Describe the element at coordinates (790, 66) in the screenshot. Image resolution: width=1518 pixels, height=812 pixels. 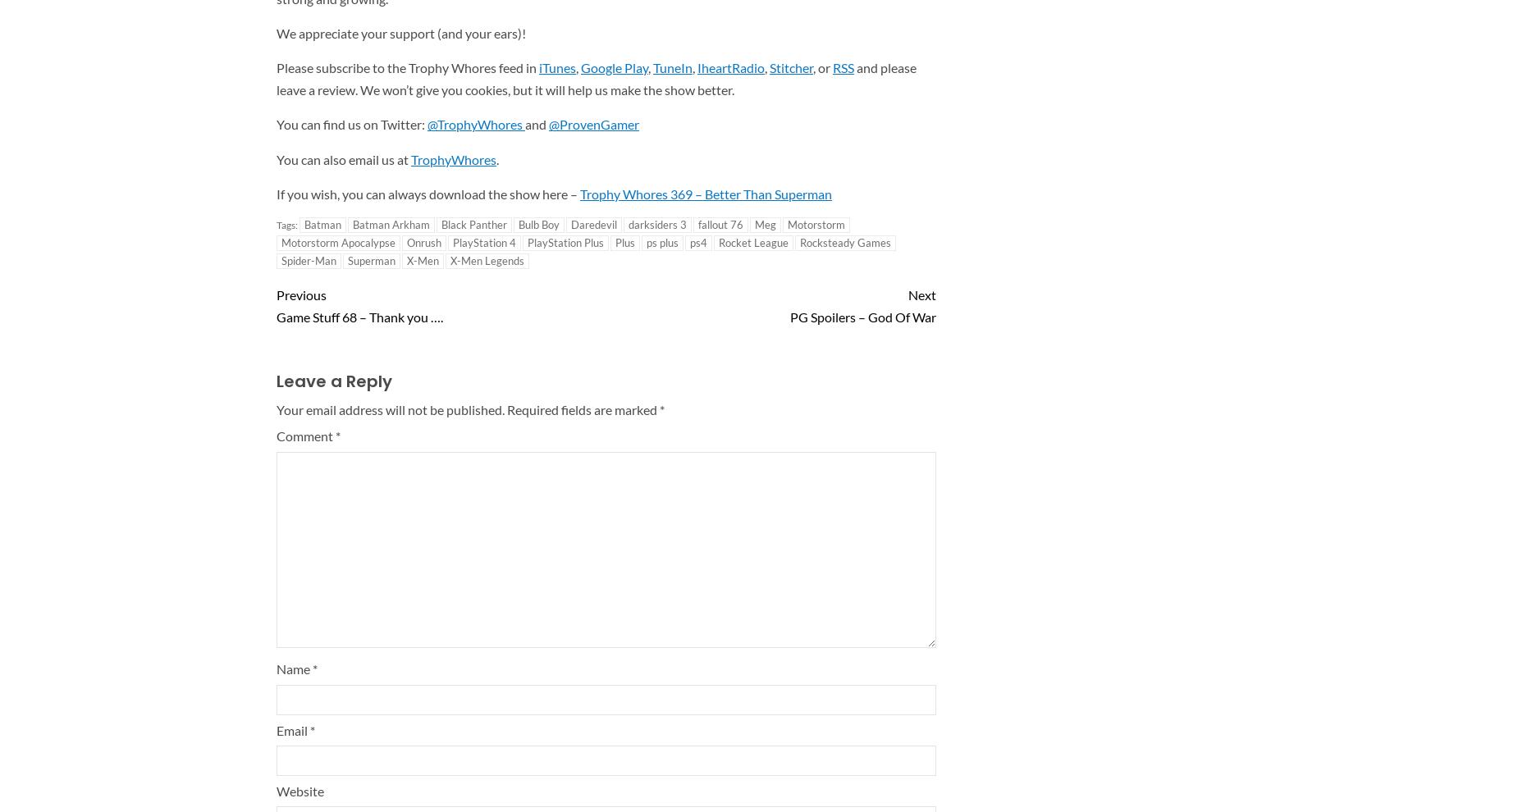
I see `'Stitcher'` at that location.